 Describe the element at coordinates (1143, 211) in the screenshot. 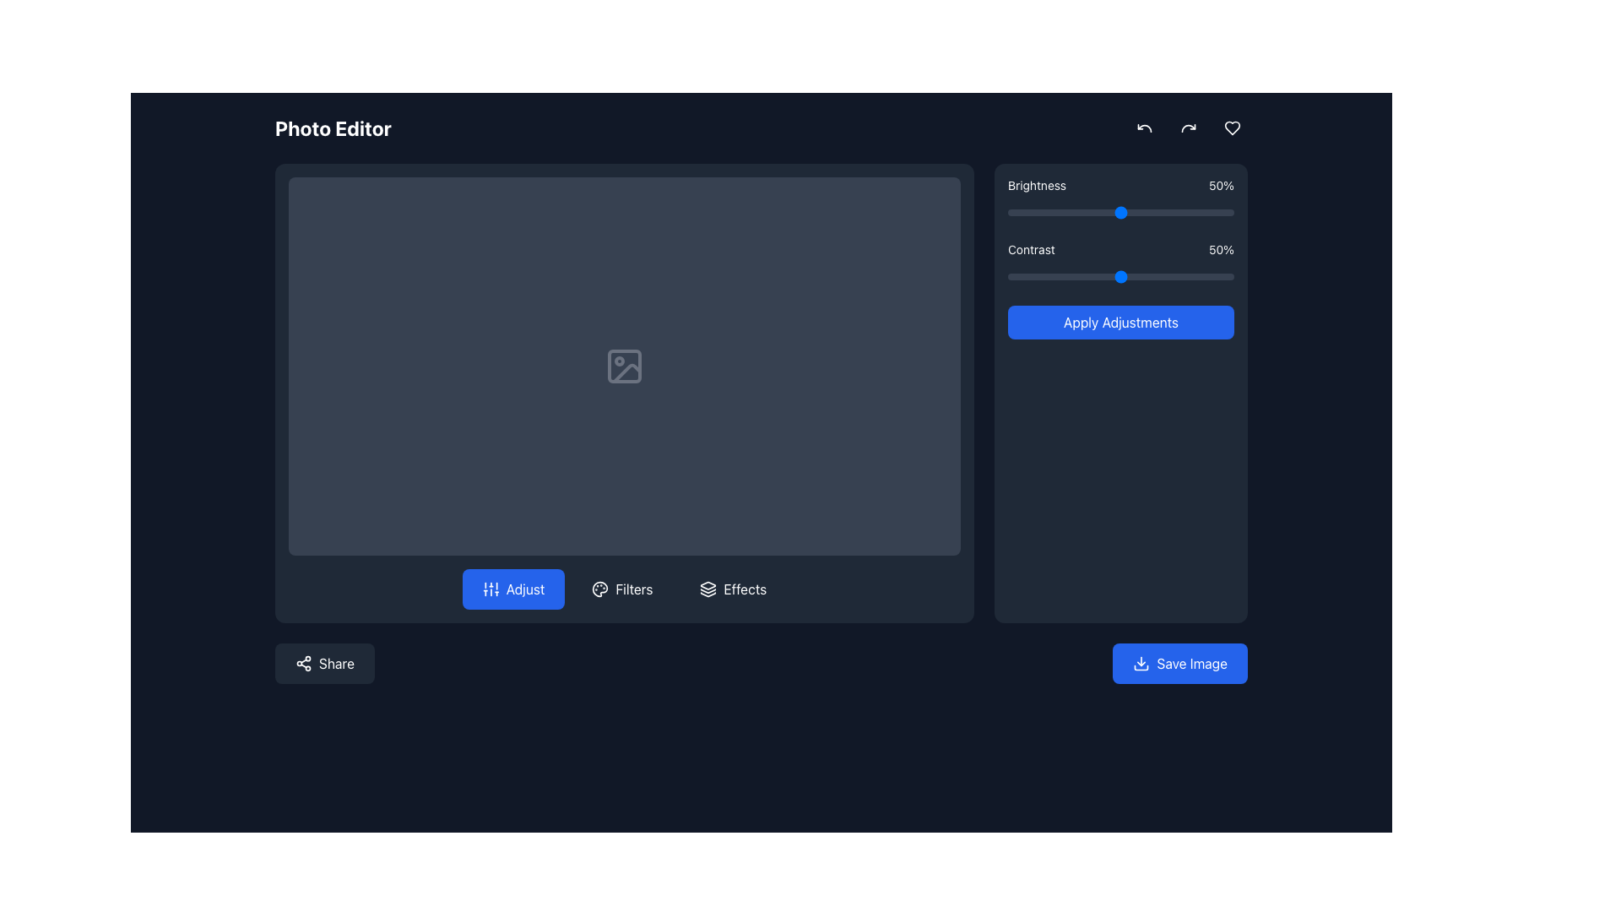

I see `brightness` at that location.